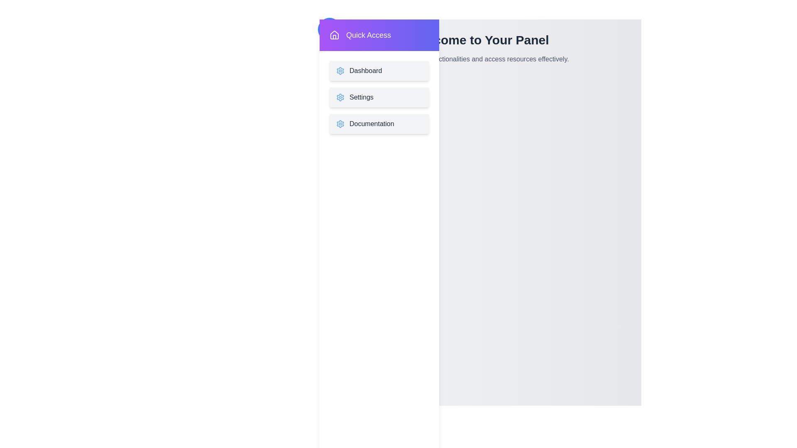 Image resolution: width=797 pixels, height=448 pixels. What do you see at coordinates (379, 70) in the screenshot?
I see `the 'Dashboard' menu item in the drawer` at bounding box center [379, 70].